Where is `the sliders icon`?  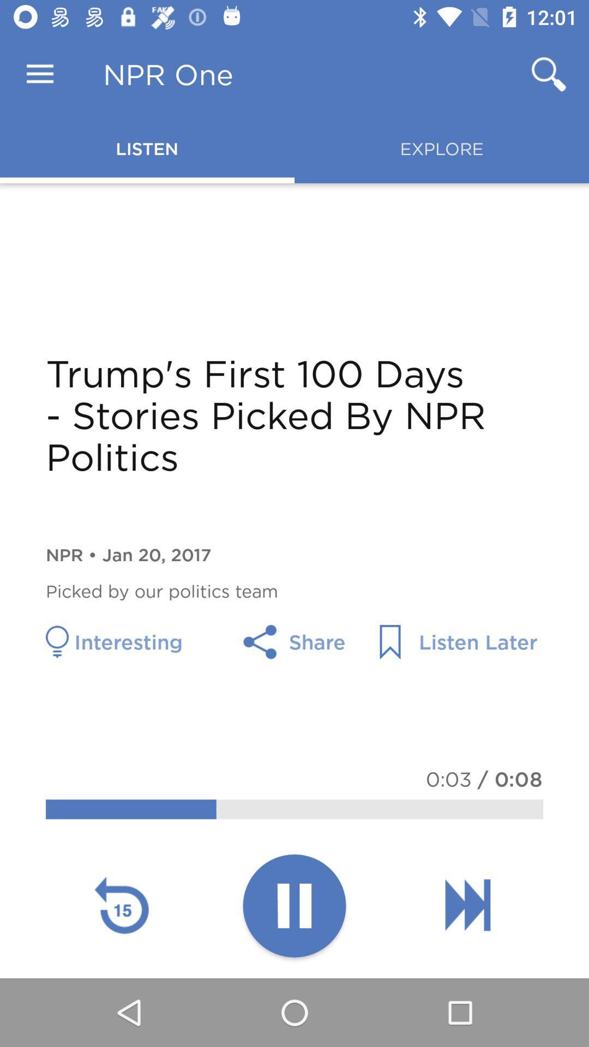
the sliders icon is located at coordinates (467, 905).